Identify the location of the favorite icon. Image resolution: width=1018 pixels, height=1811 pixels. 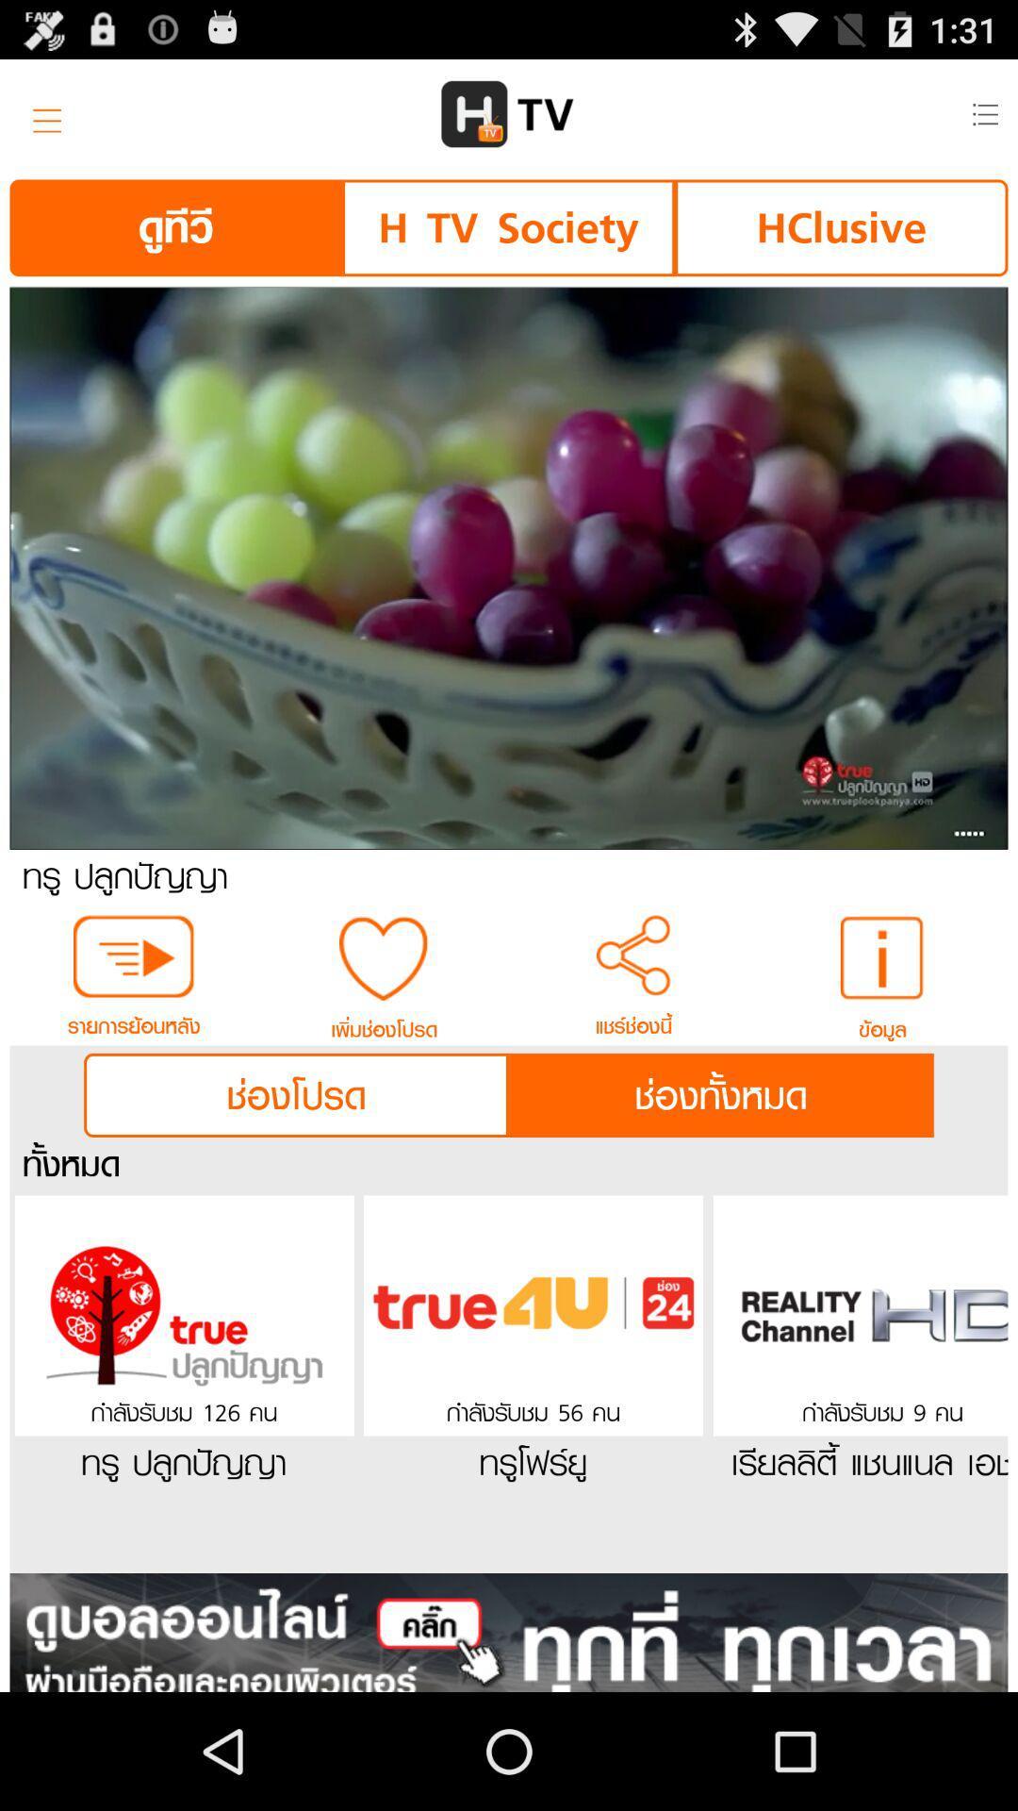
(383, 1024).